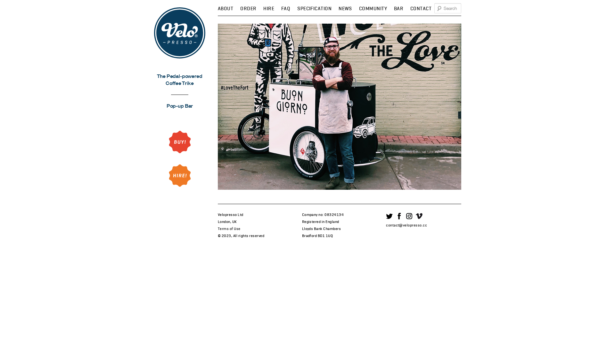  I want to click on 'ABOUT', so click(229, 9).